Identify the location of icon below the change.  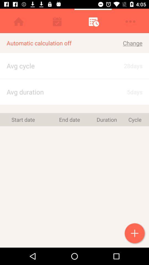
(128, 66).